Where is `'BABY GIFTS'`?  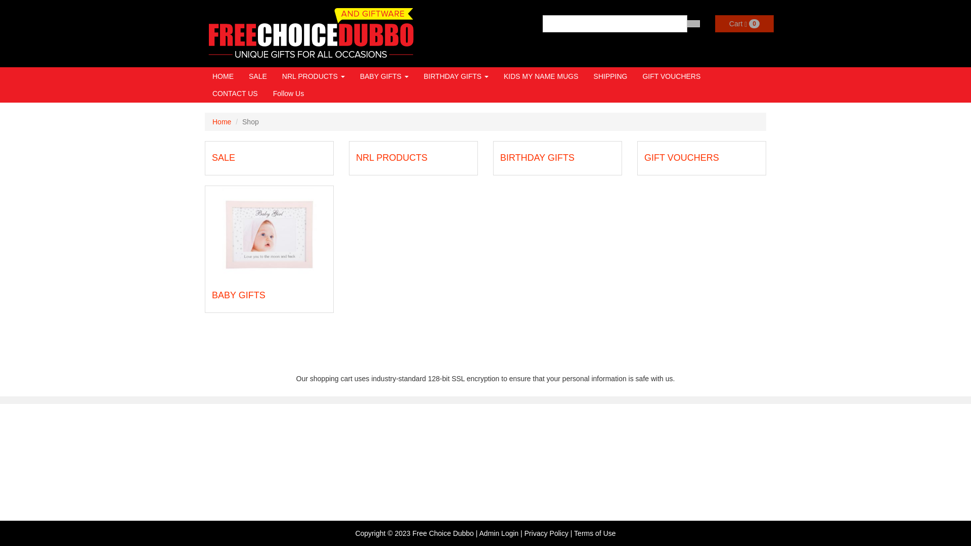 'BABY GIFTS' is located at coordinates (383, 75).